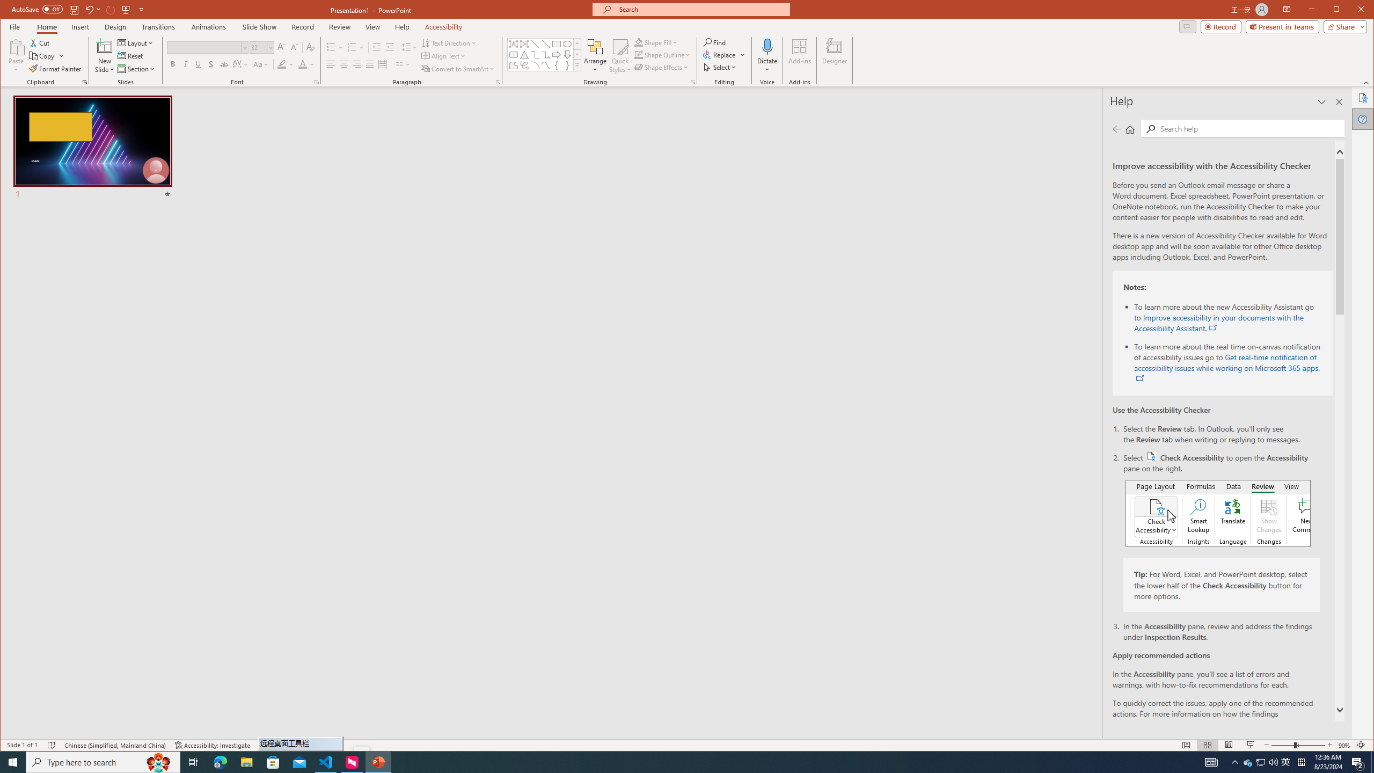  I want to click on 'AutomationID: 4105', so click(1210, 761).